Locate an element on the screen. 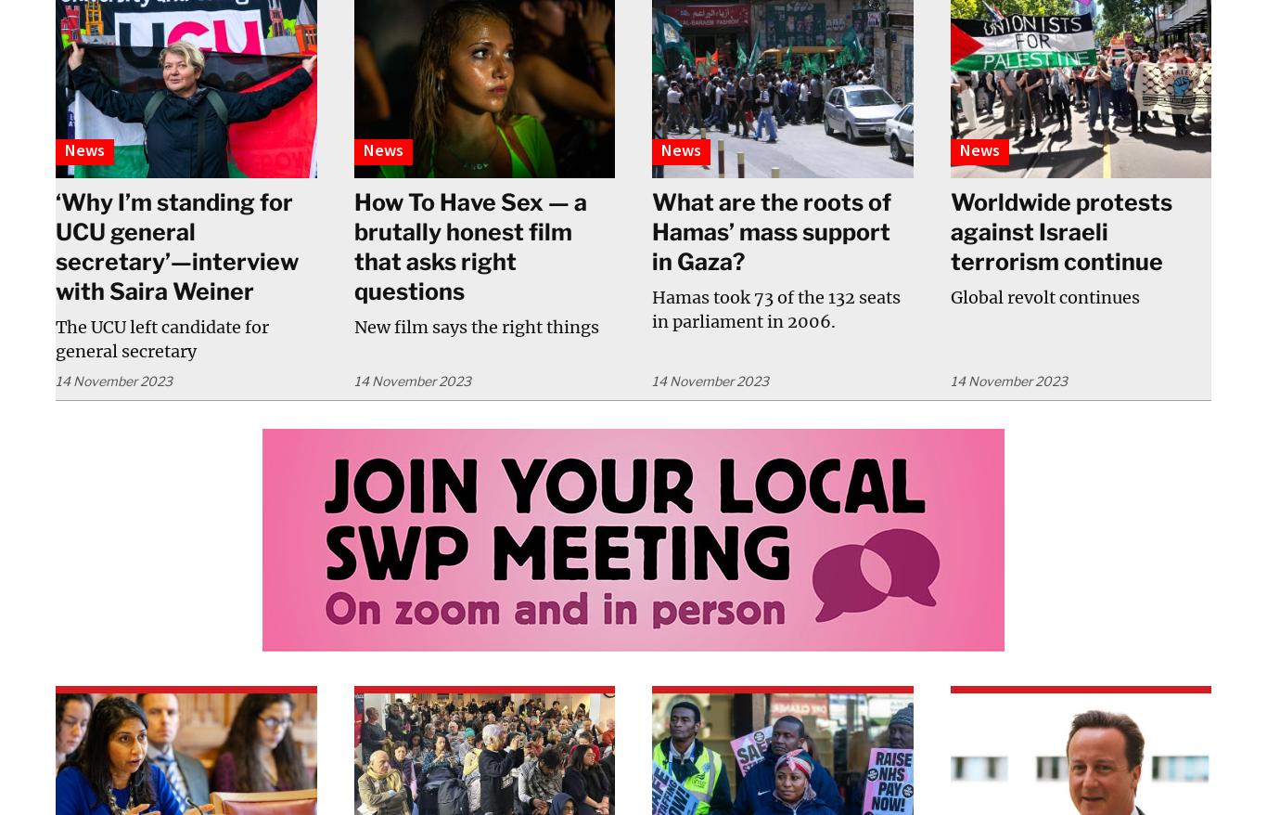 Image resolution: width=1267 pixels, height=815 pixels. 'How To Have Sex — a brutally honest film that asks right questions' is located at coordinates (352, 246).